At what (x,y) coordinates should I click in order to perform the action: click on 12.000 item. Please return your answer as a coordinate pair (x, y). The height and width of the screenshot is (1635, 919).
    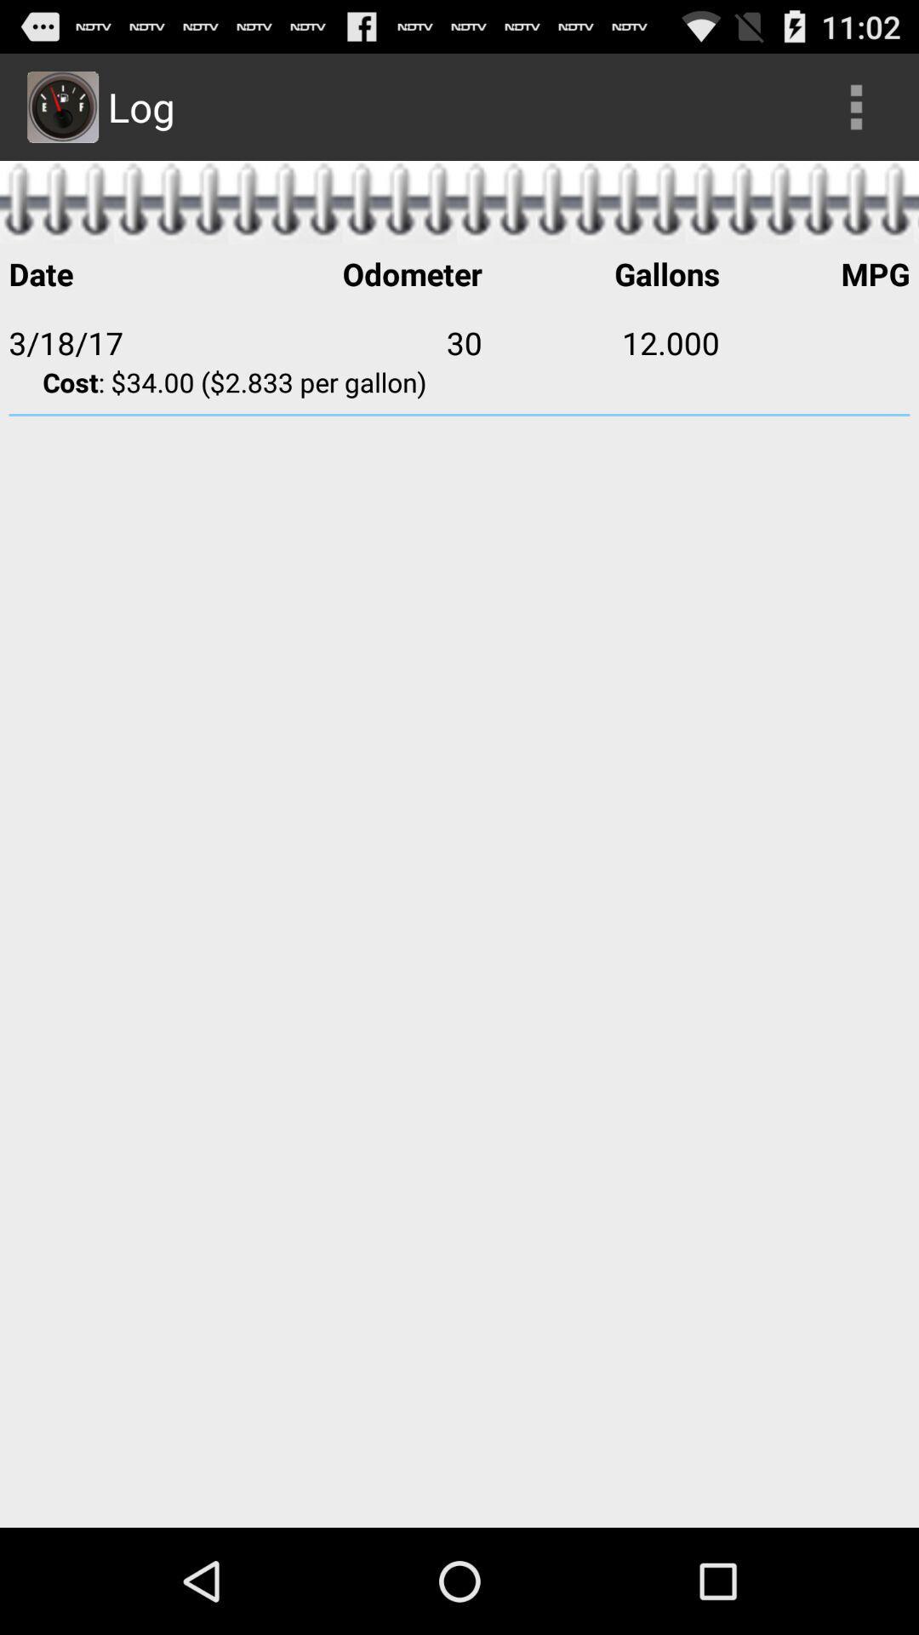
    Looking at the image, I should click on (600, 341).